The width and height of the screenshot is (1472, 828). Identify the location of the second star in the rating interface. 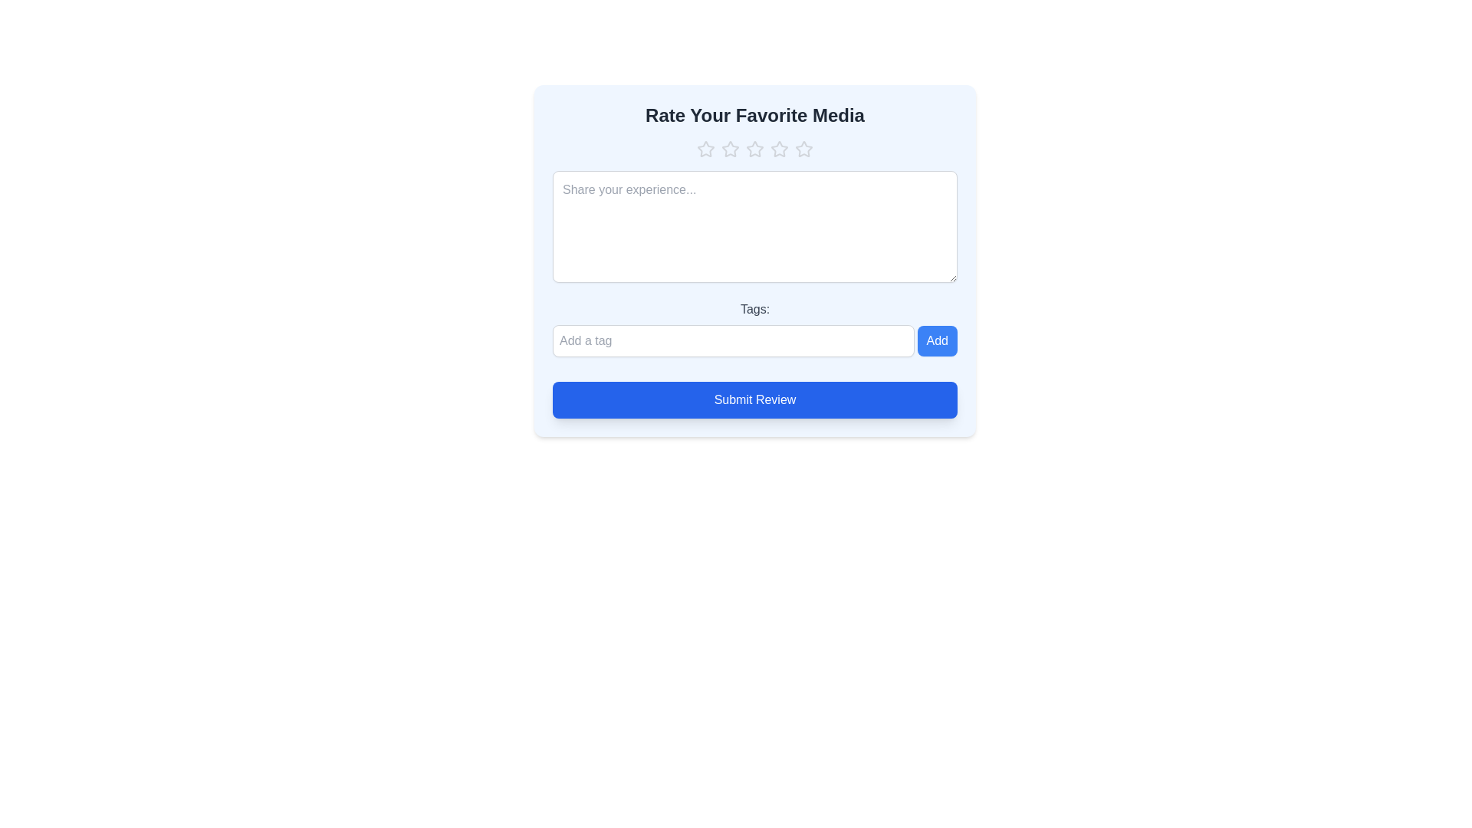
(730, 149).